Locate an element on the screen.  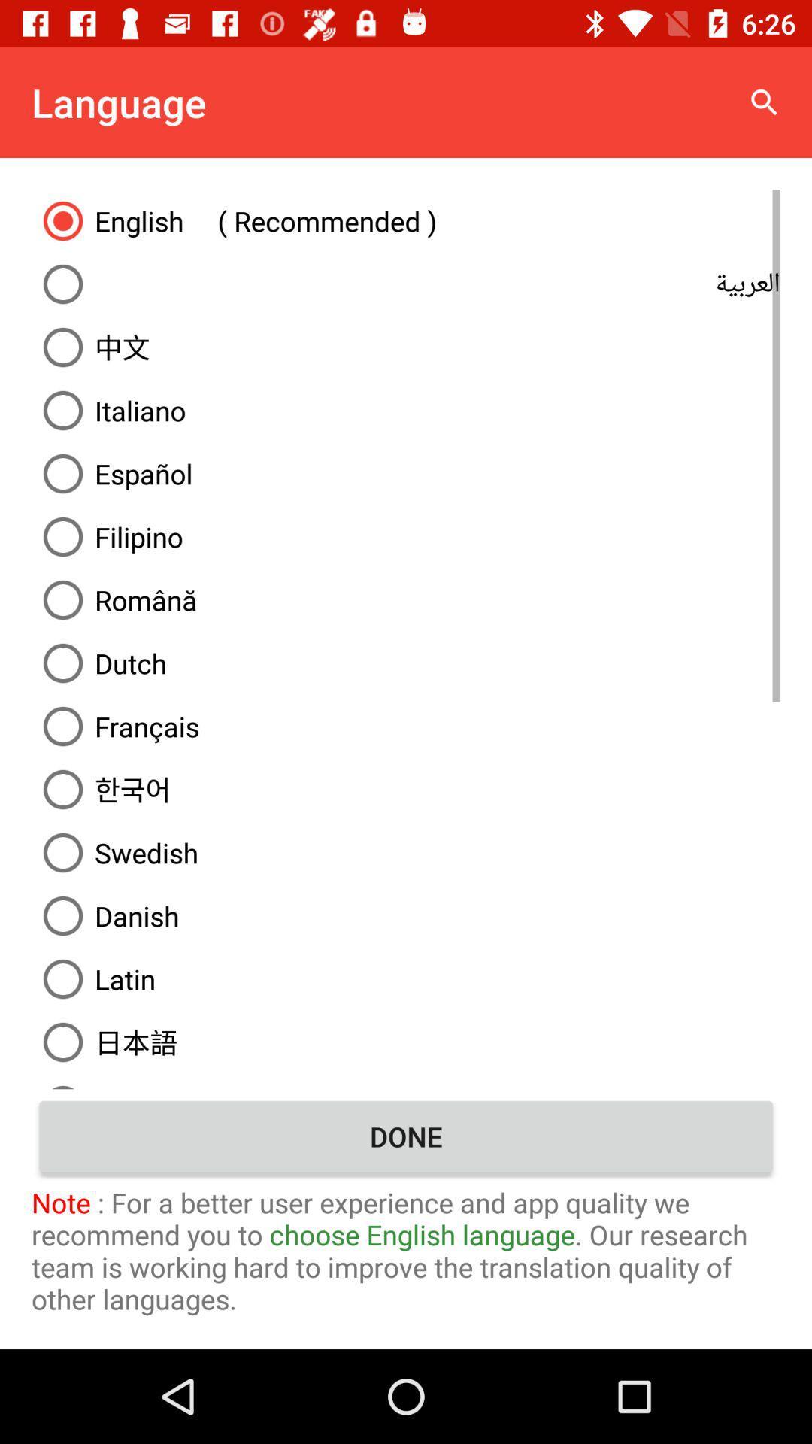
dutch icon is located at coordinates (406, 663).